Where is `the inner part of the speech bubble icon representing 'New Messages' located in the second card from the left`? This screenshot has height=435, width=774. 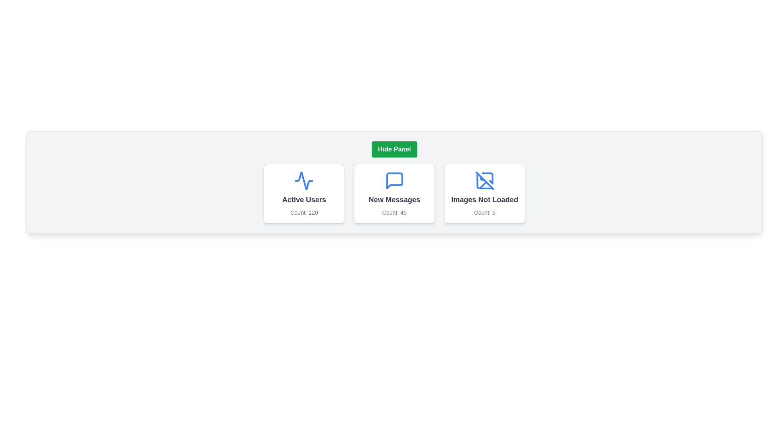
the inner part of the speech bubble icon representing 'New Messages' located in the second card from the left is located at coordinates (394, 180).